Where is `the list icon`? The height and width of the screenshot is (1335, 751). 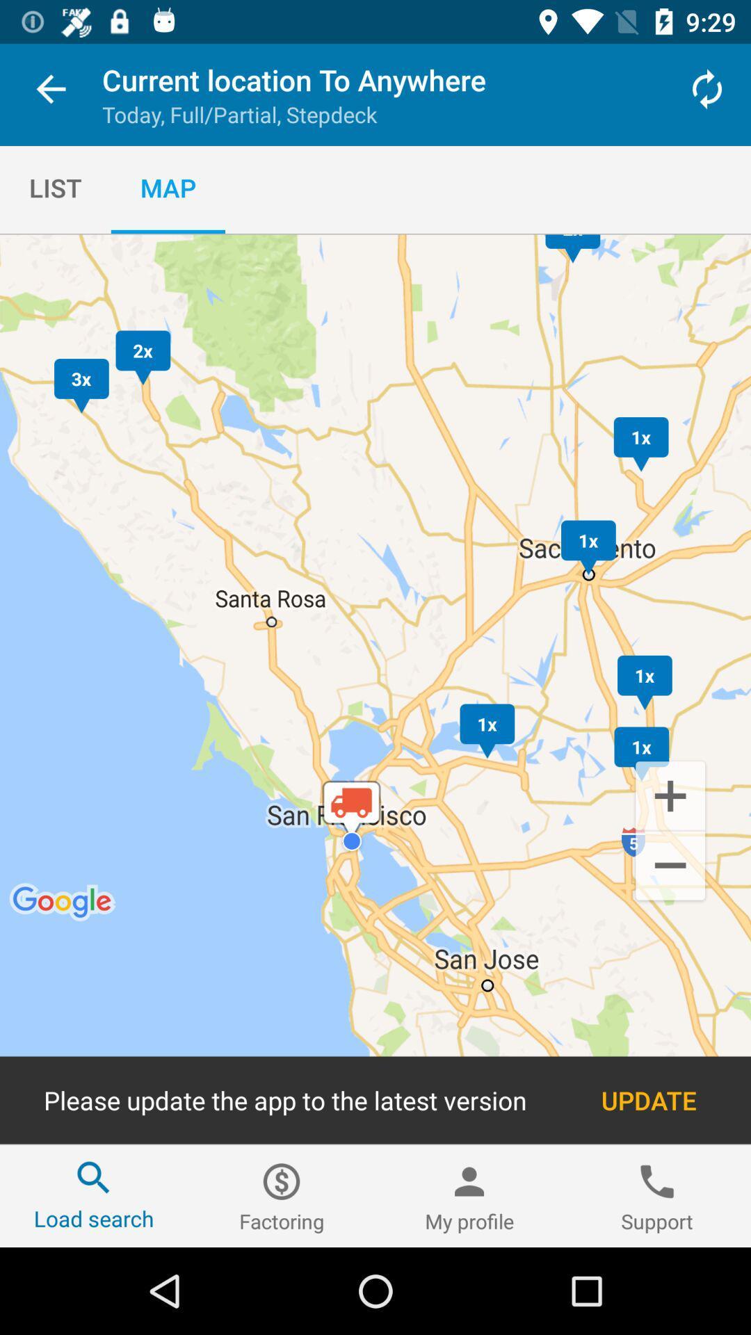
the list icon is located at coordinates (54, 187).